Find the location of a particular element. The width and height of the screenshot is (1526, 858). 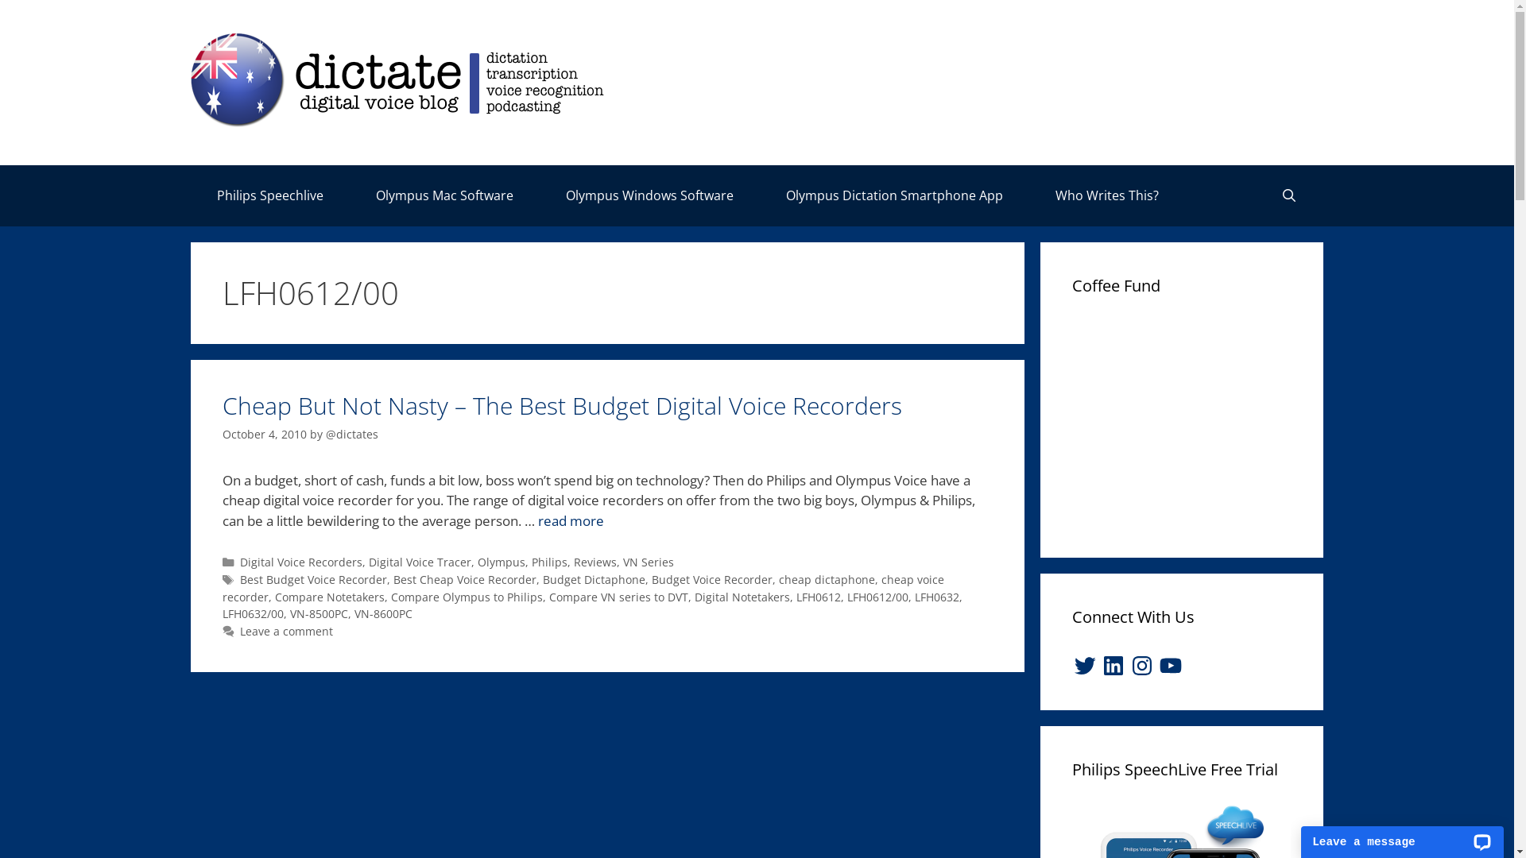

'Digital Notetakers' is located at coordinates (742, 597).